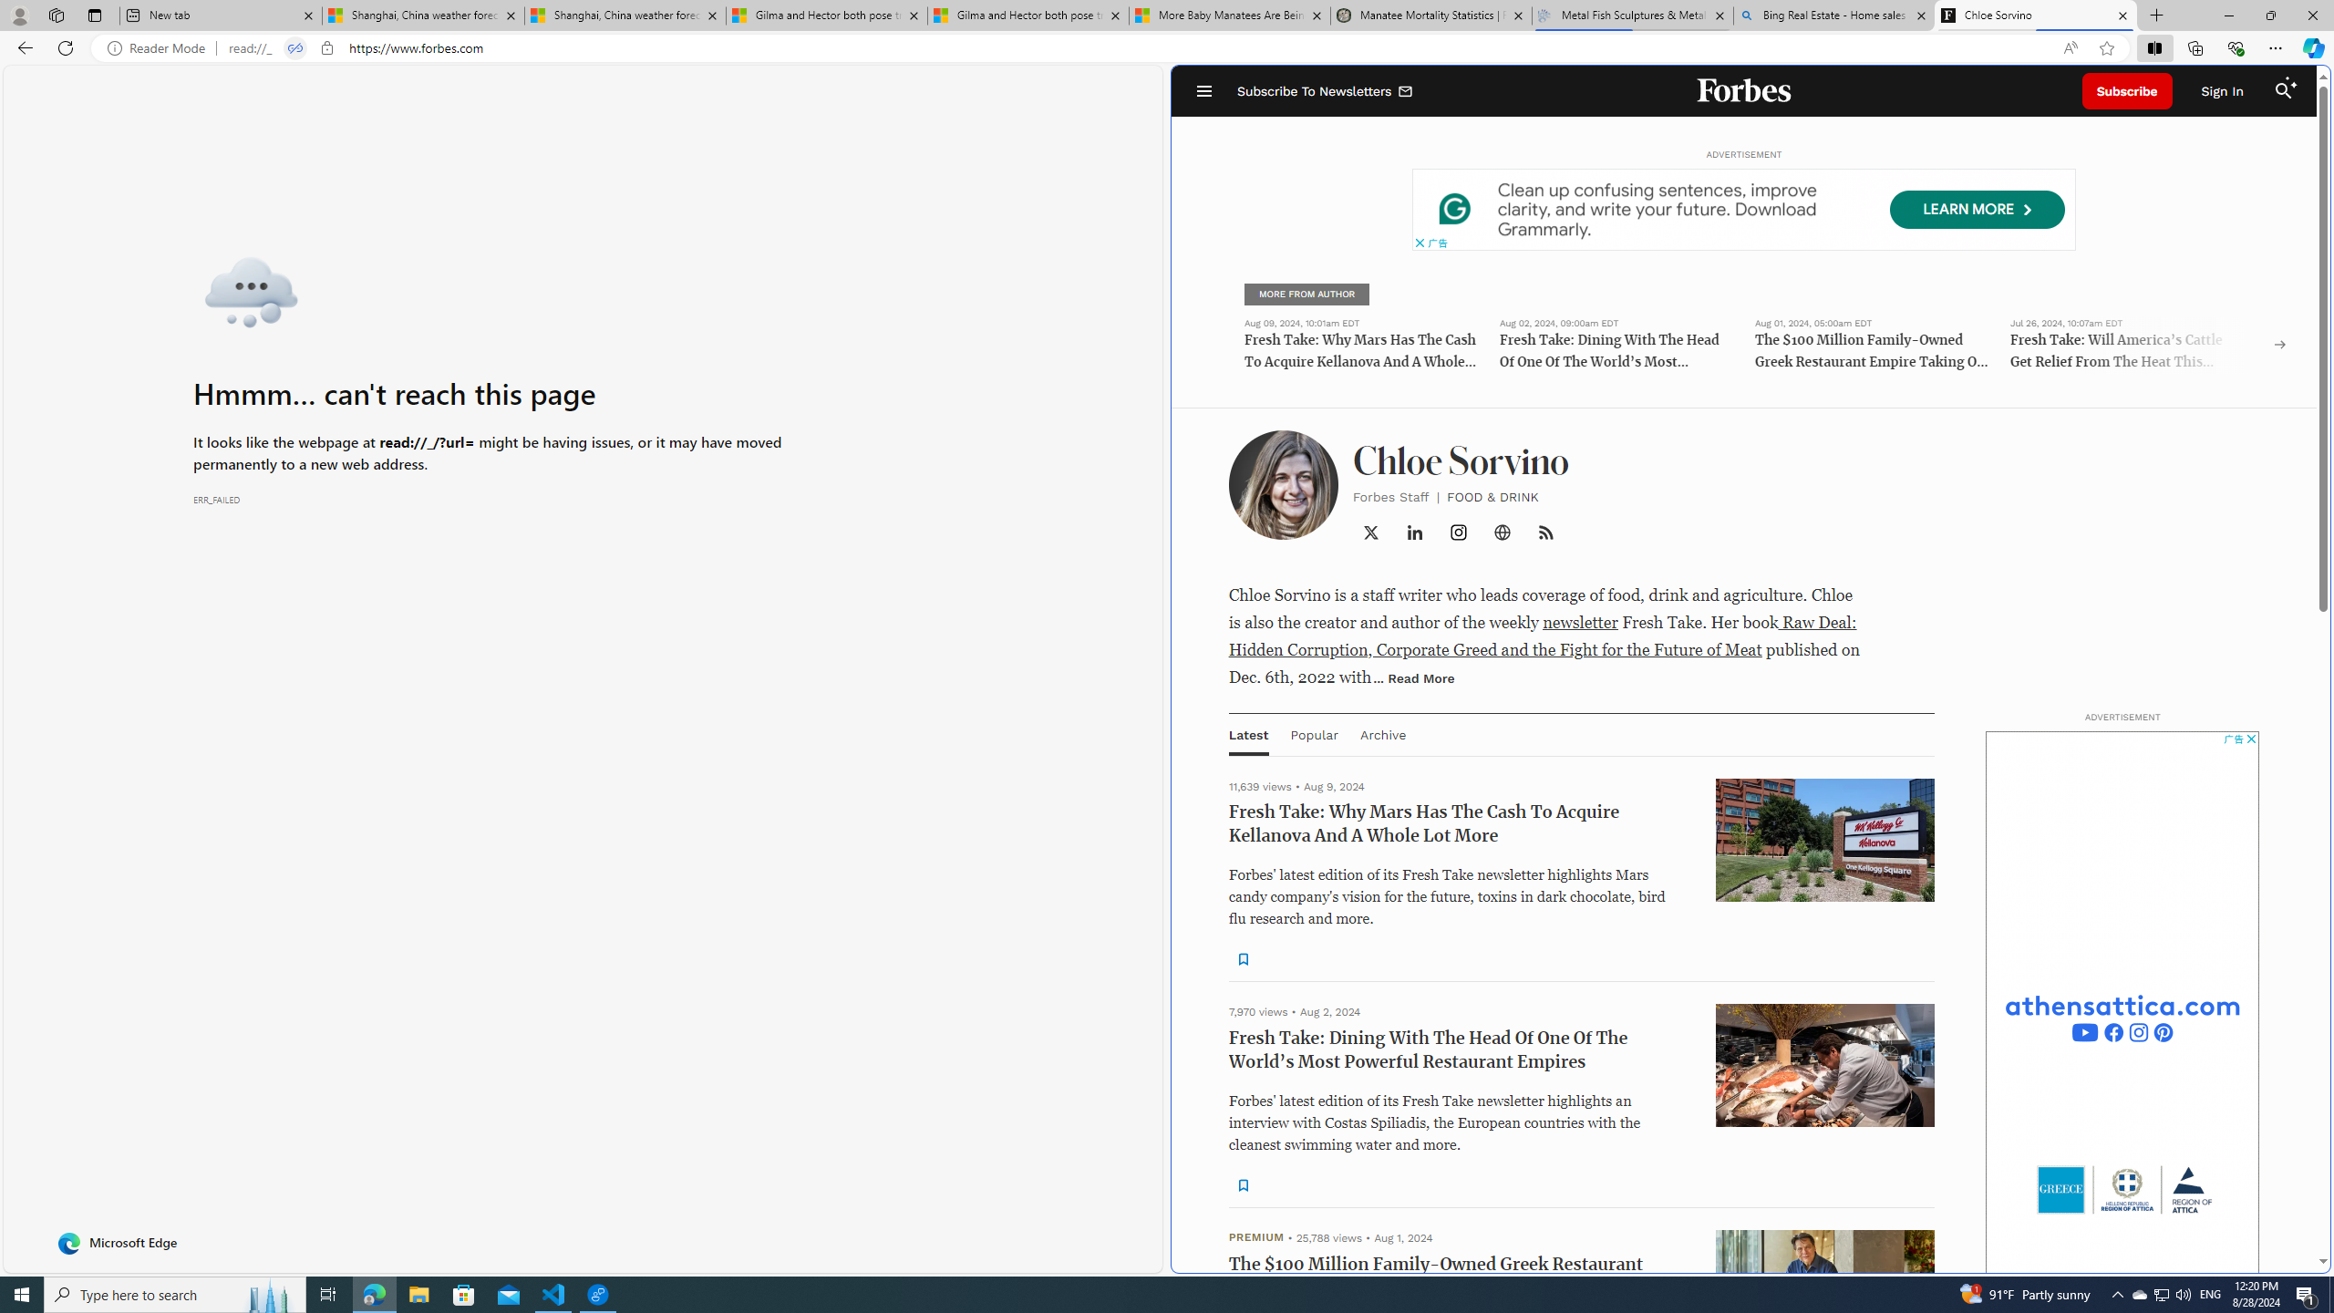 This screenshot has width=2334, height=1313. Describe the element at coordinates (1405, 91) in the screenshot. I see `'Class: envelope_svg__fs-icon envelope_svg__fs-icon--envelope'` at that location.